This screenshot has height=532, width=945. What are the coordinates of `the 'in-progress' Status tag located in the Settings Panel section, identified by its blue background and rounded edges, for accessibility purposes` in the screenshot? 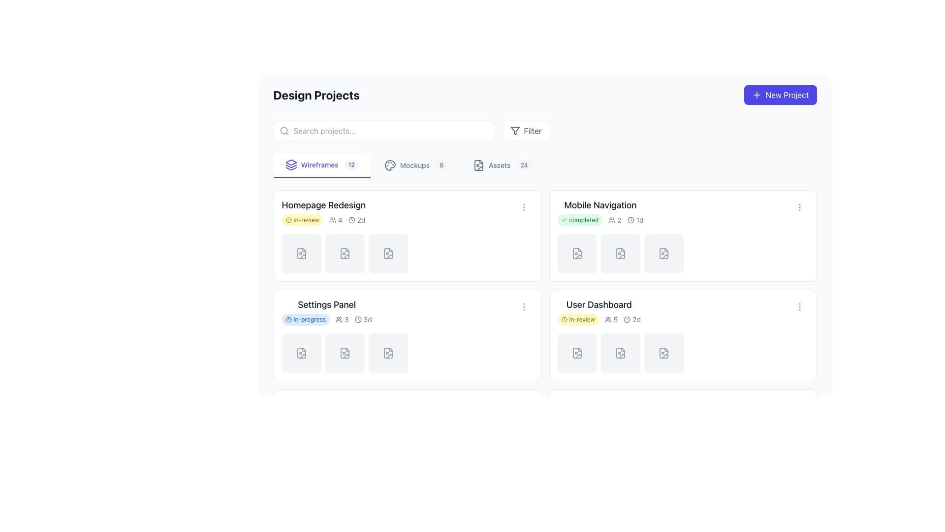 It's located at (327, 319).